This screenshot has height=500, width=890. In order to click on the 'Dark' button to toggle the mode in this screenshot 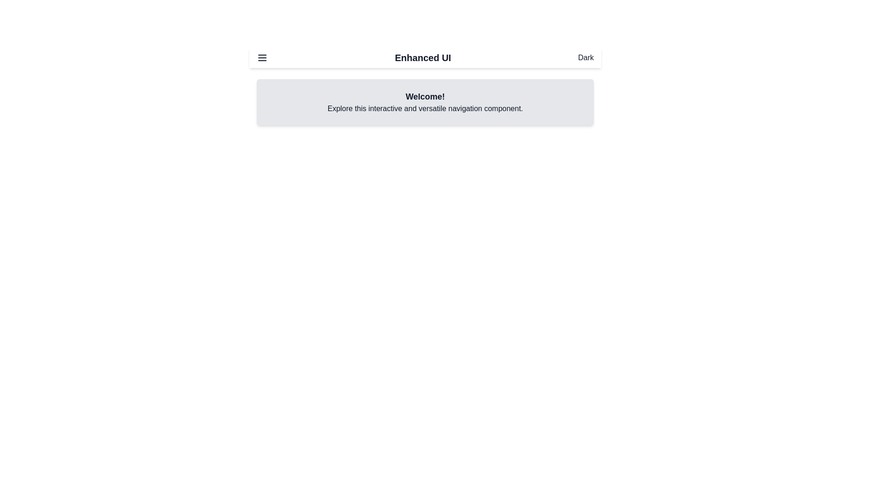, I will do `click(585, 57)`.